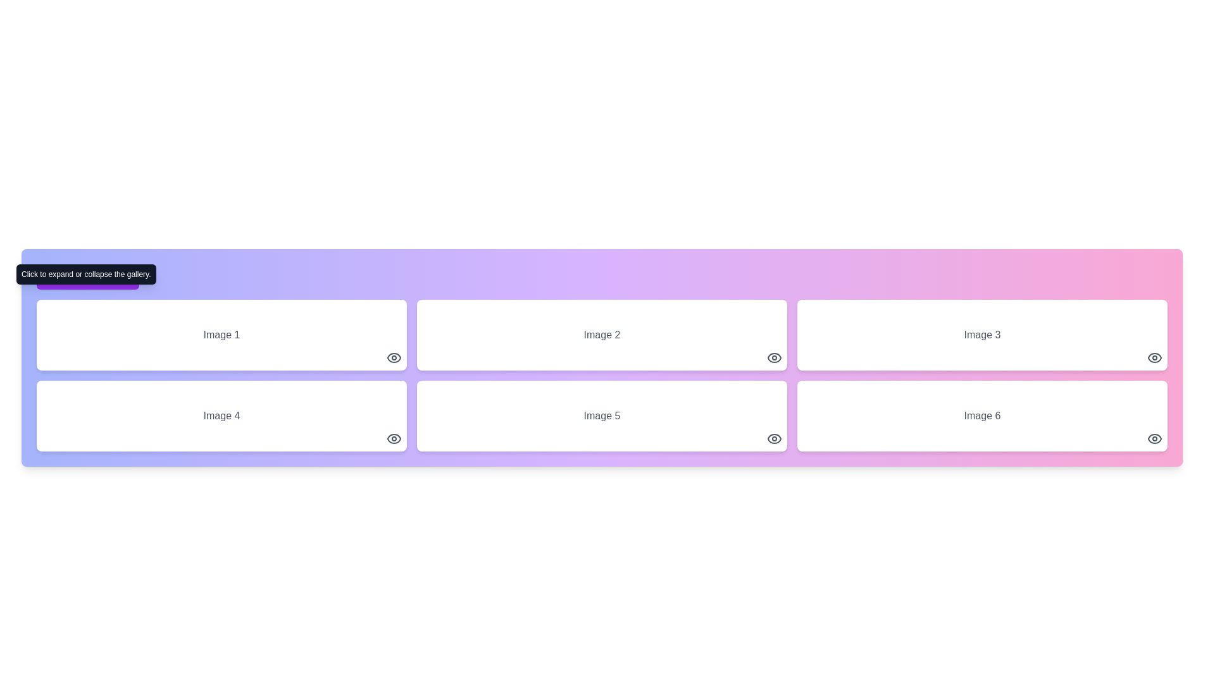 Image resolution: width=1215 pixels, height=683 pixels. What do you see at coordinates (221, 334) in the screenshot?
I see `the button labeled 'Image 1'` at bounding box center [221, 334].